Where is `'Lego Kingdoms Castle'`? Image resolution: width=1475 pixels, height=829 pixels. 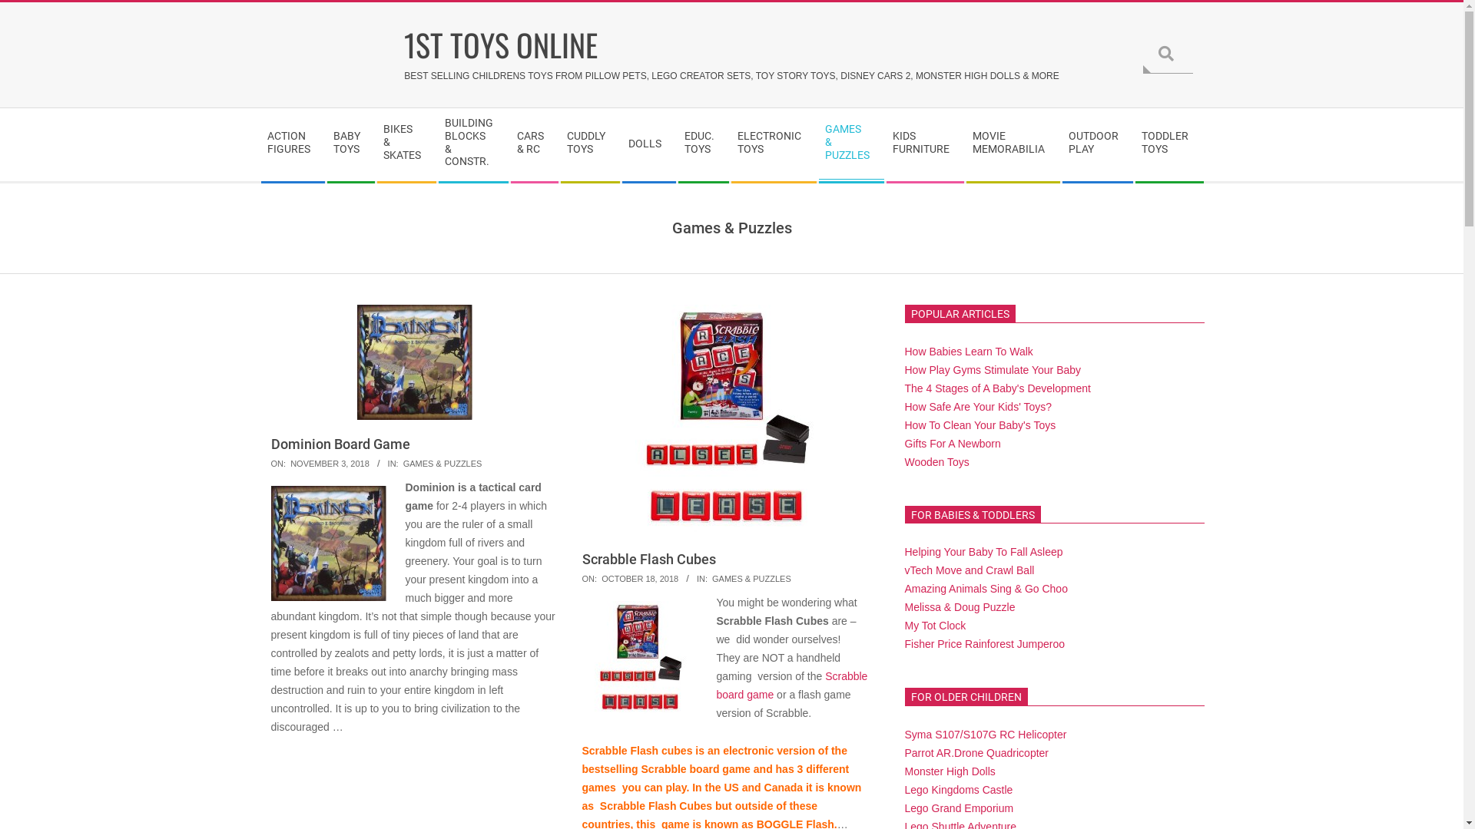
'Lego Kingdoms Castle' is located at coordinates (958, 790).